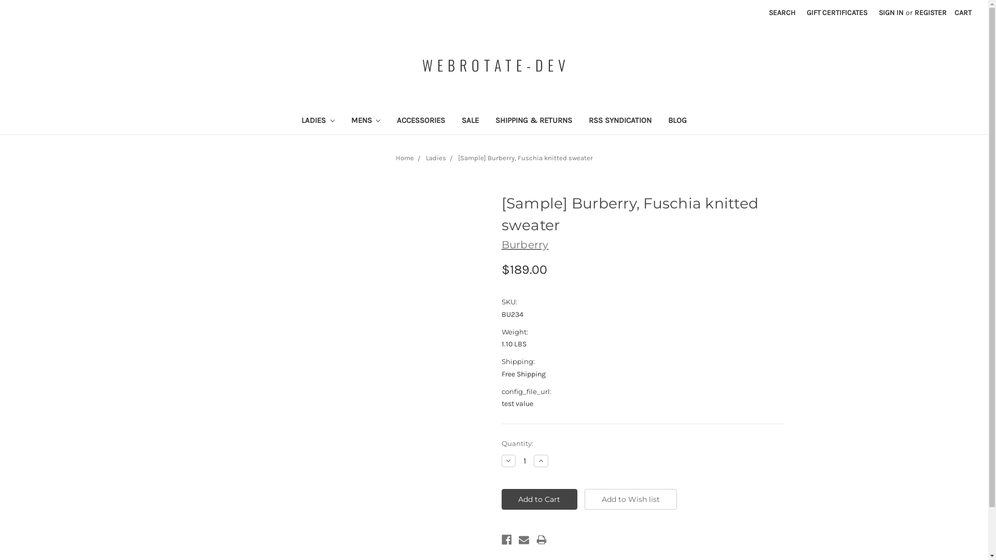 The width and height of the screenshot is (996, 560). What do you see at coordinates (931, 12) in the screenshot?
I see `'REGISTER'` at bounding box center [931, 12].